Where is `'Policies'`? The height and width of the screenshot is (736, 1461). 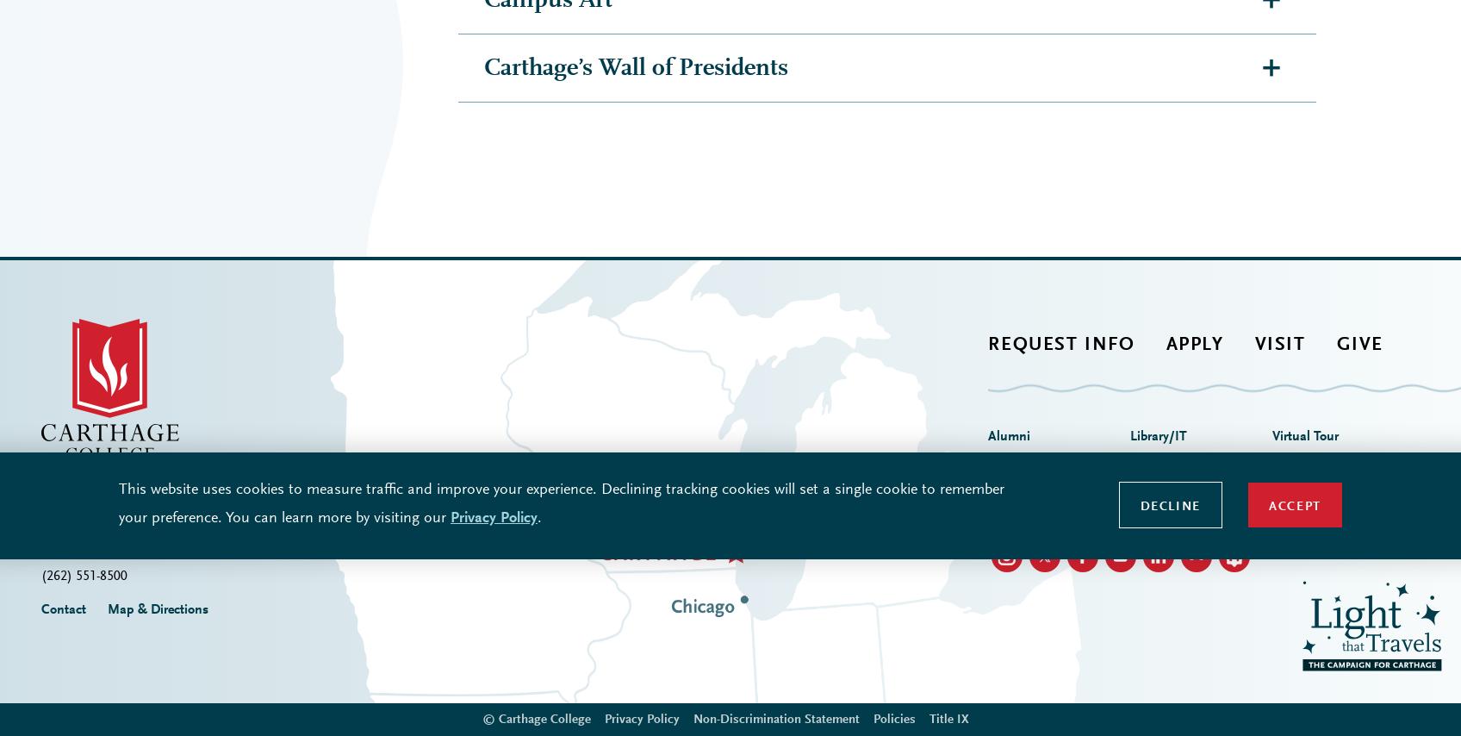 'Policies' is located at coordinates (893, 412).